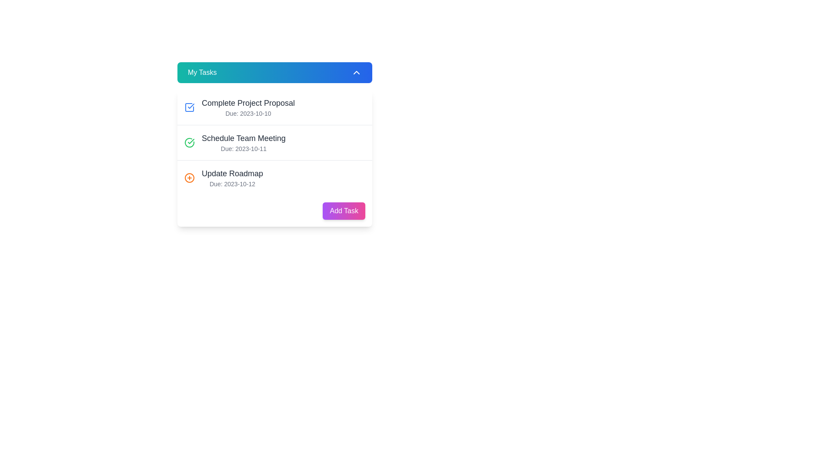 The width and height of the screenshot is (835, 470). Describe the element at coordinates (189, 177) in the screenshot. I see `the SVG Circle icon that represents the associated task in the 'Update Roadmap' task row, located before the text description` at that location.